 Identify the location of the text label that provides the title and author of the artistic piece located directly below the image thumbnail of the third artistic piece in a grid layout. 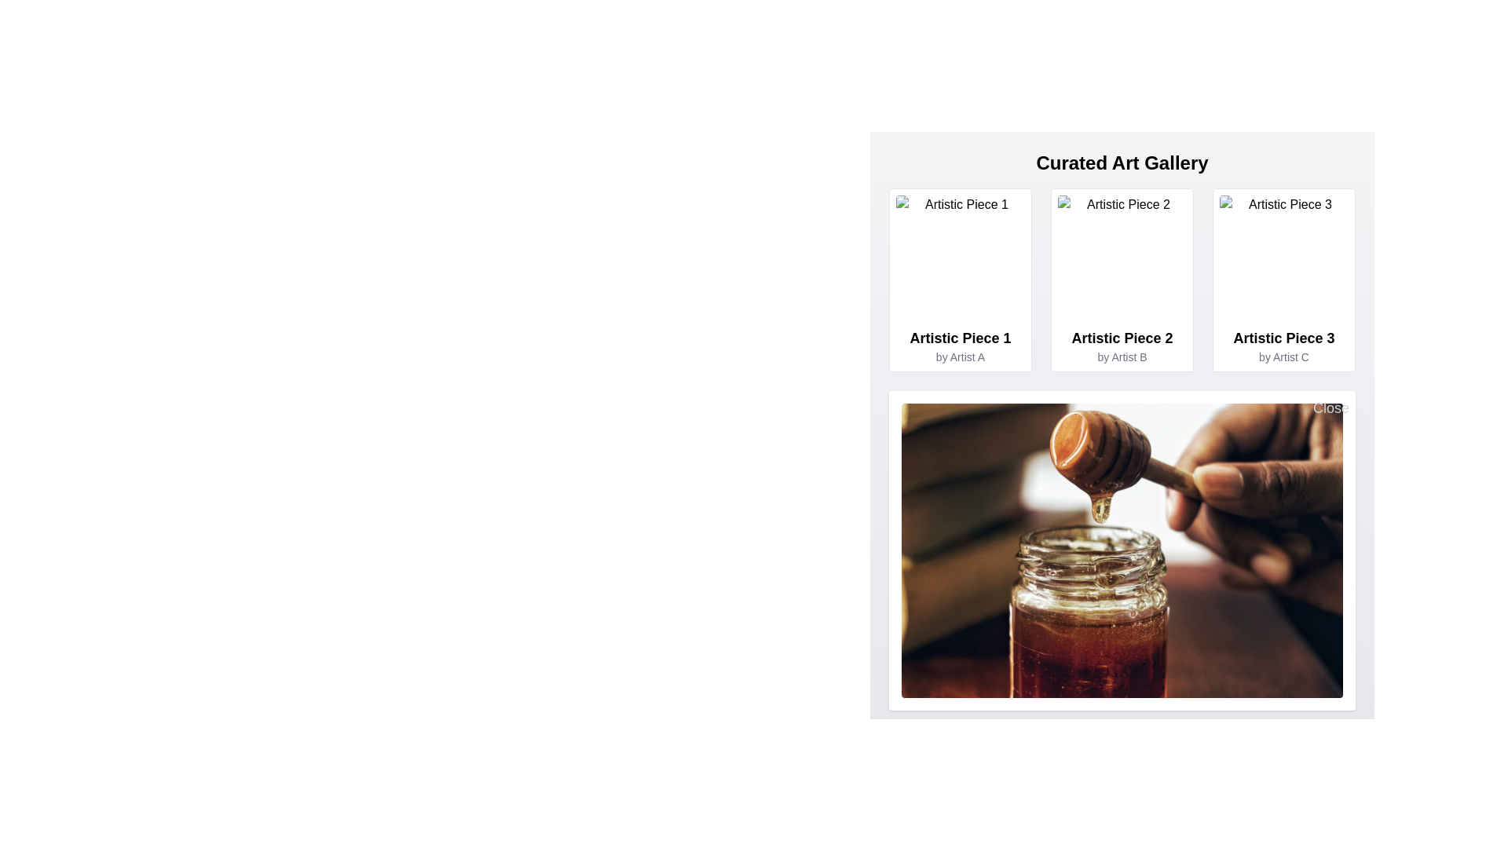
(1284, 345).